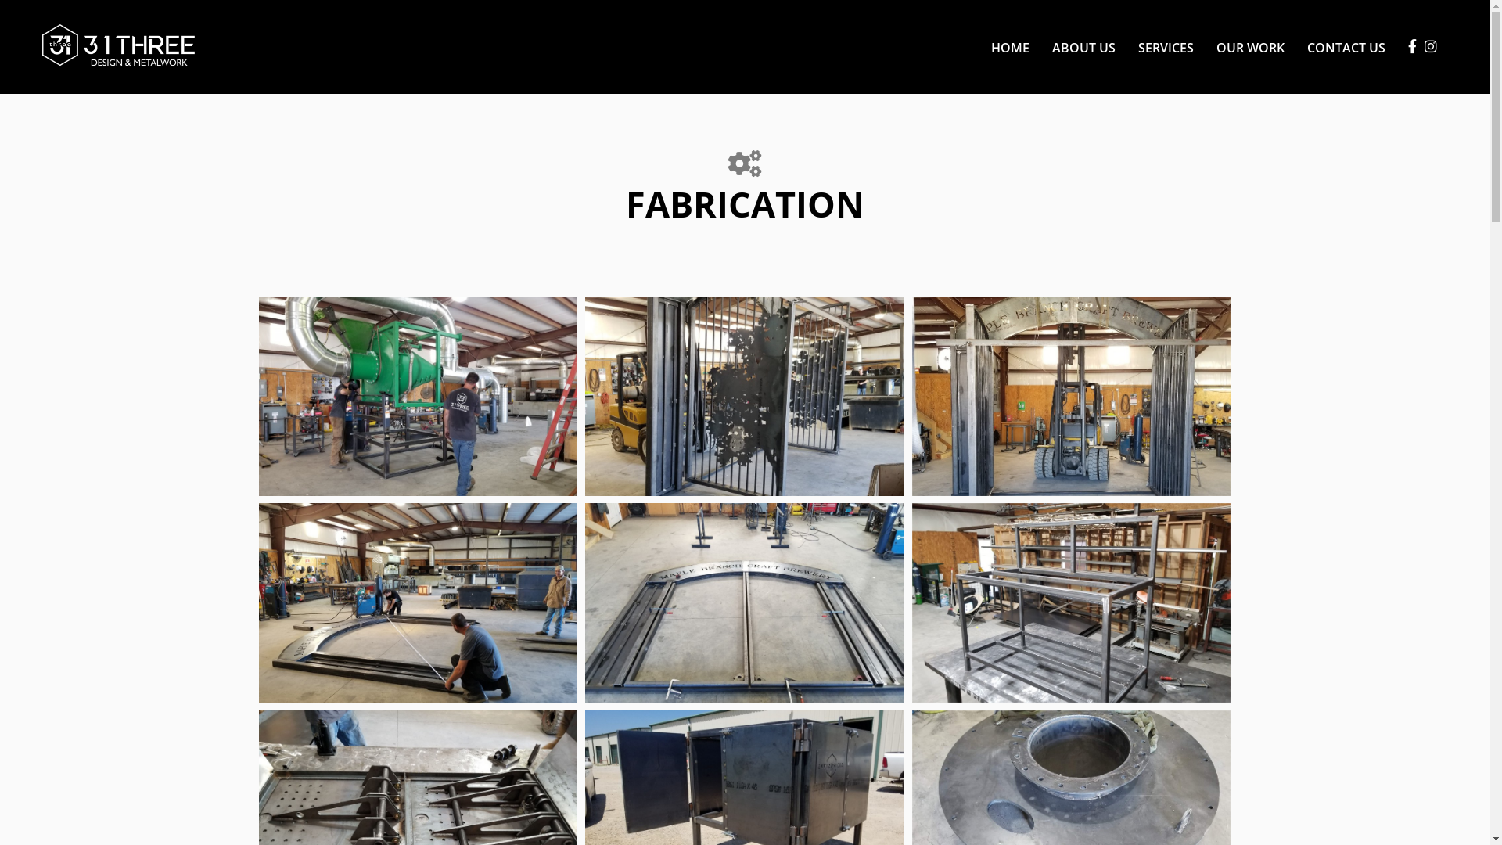  I want to click on 'SERVICES', so click(1166, 46).